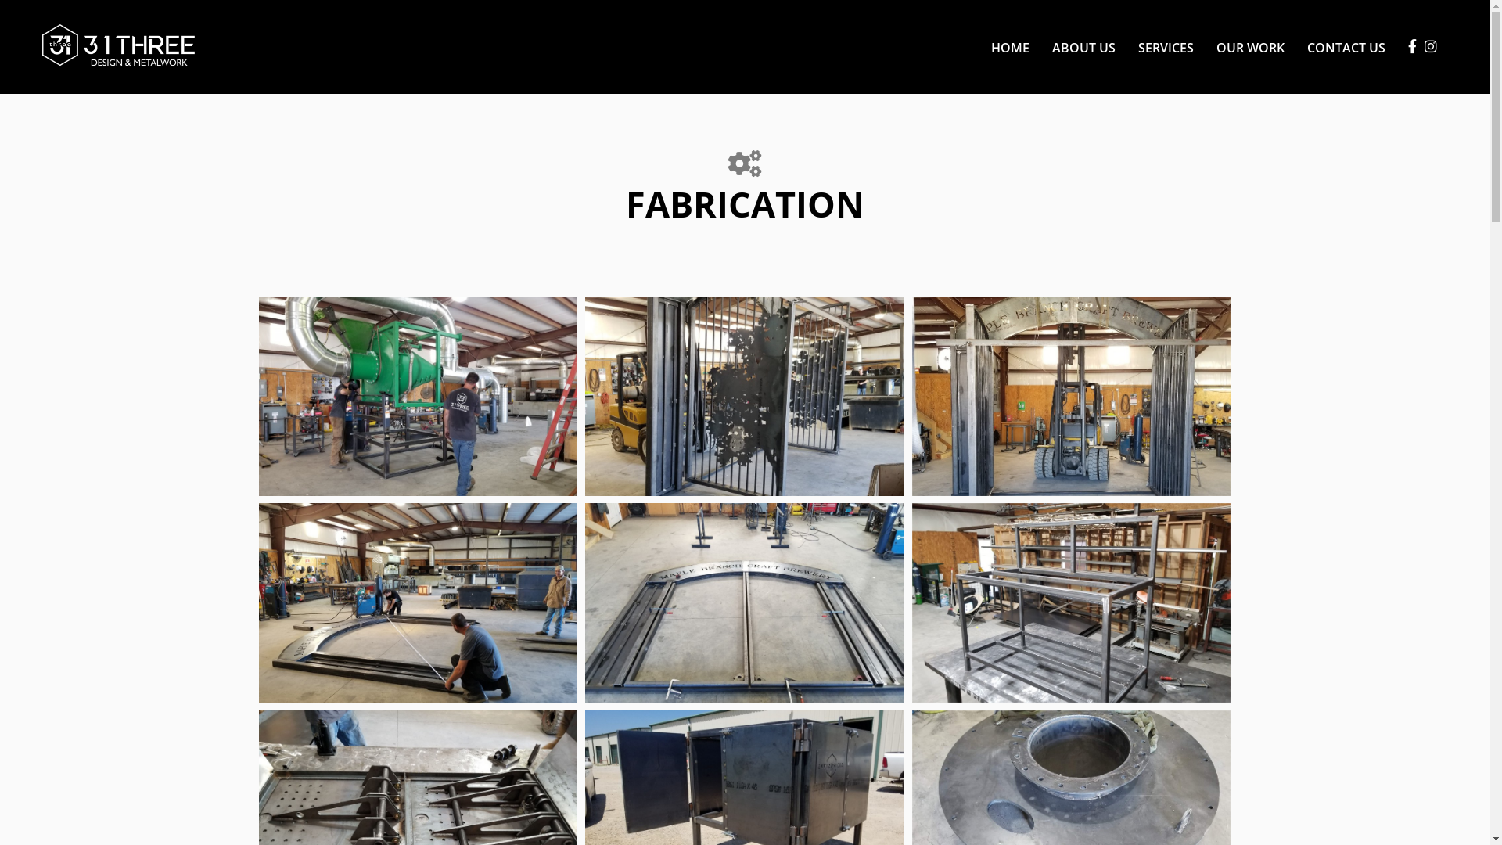  I want to click on 'SERVICES', so click(1166, 46).